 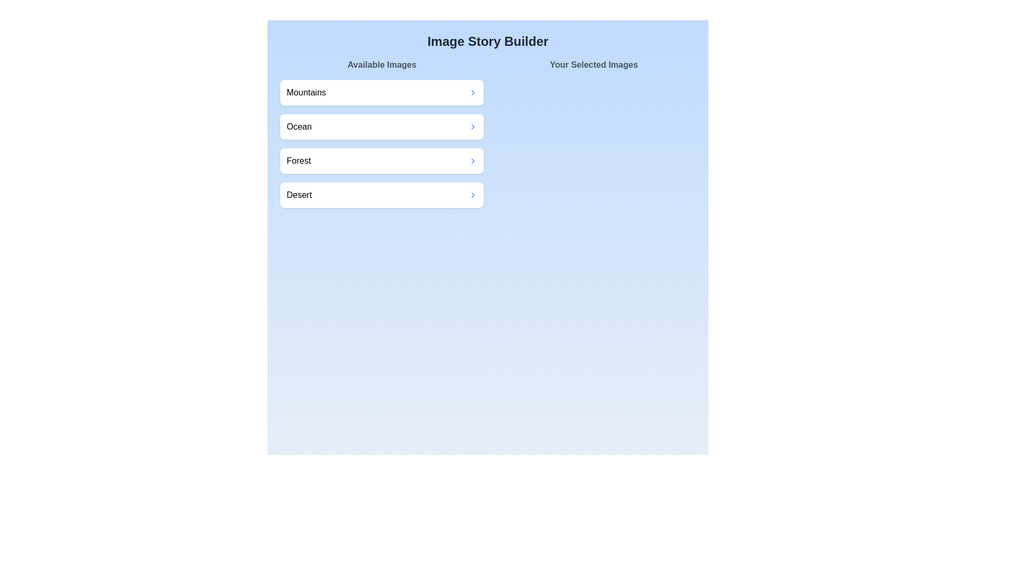 What do you see at coordinates (472, 126) in the screenshot?
I see `transfer button for the image labeled Ocean in the 'Available Images' section` at bounding box center [472, 126].